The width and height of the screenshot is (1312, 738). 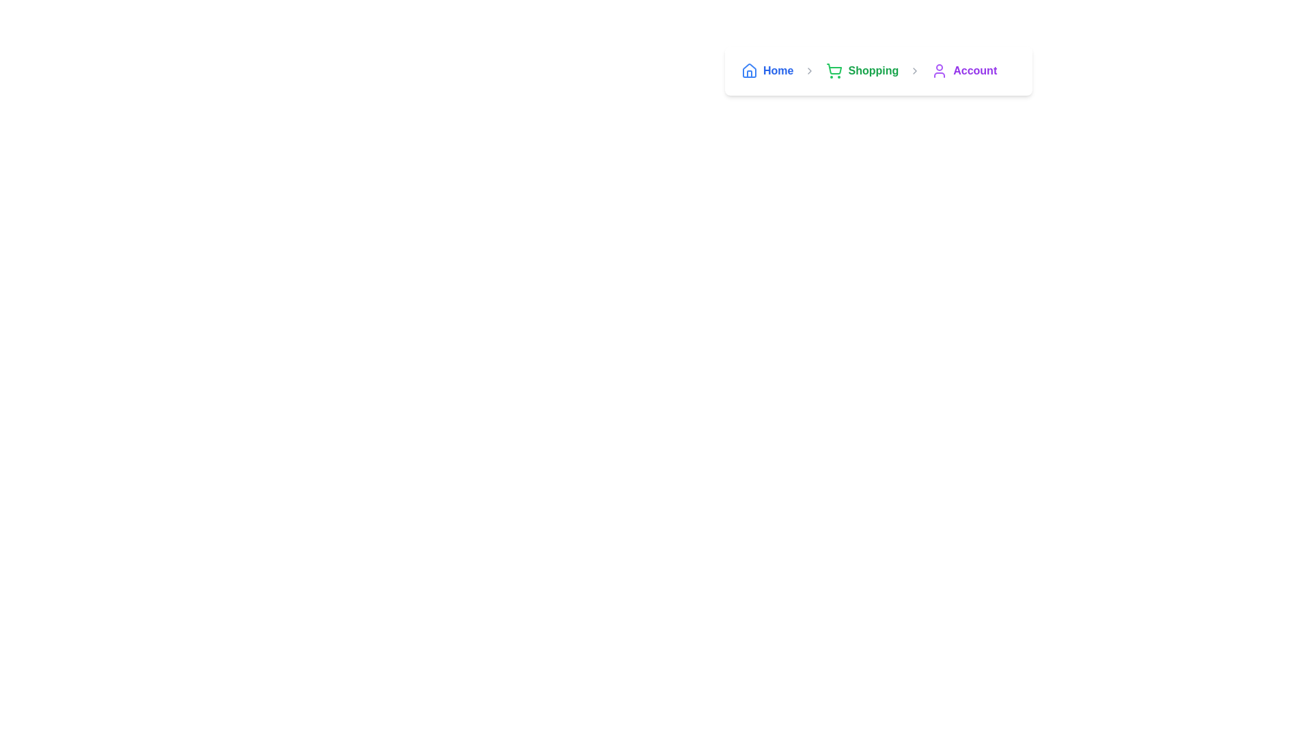 I want to click on the shopping cart icon in the breadcrumb navigation bar, which represents the 'Shopping' section between 'Home' and 'Account', so click(x=834, y=71).